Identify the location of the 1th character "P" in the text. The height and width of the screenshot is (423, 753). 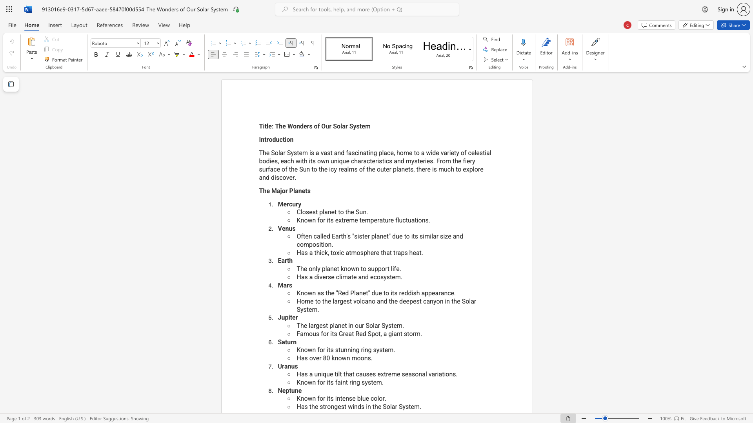
(291, 191).